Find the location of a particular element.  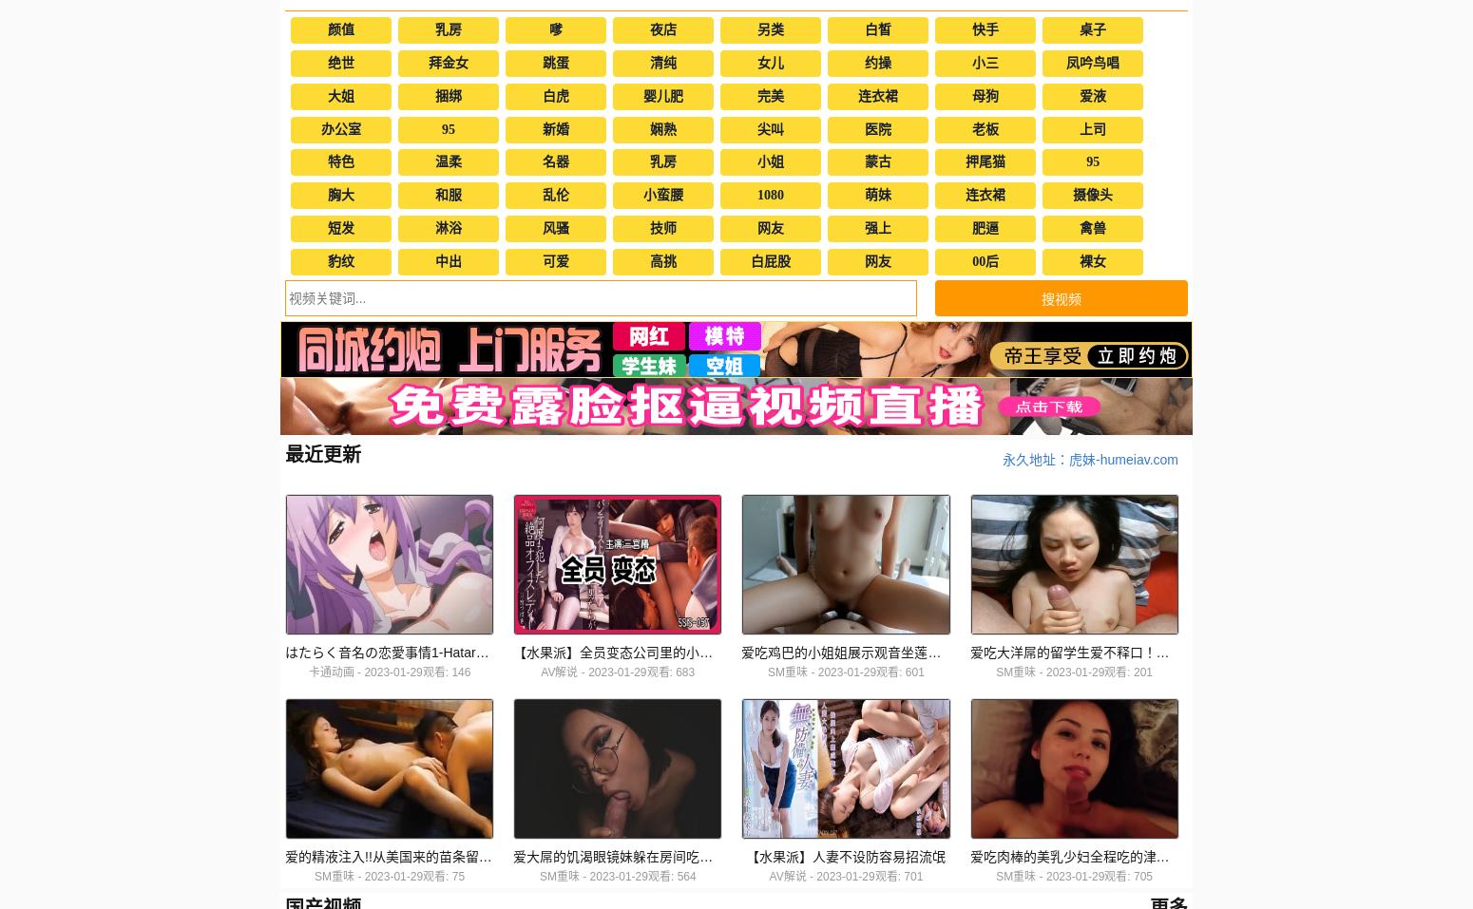

'2023-01-29观看: 75' is located at coordinates (414, 877).